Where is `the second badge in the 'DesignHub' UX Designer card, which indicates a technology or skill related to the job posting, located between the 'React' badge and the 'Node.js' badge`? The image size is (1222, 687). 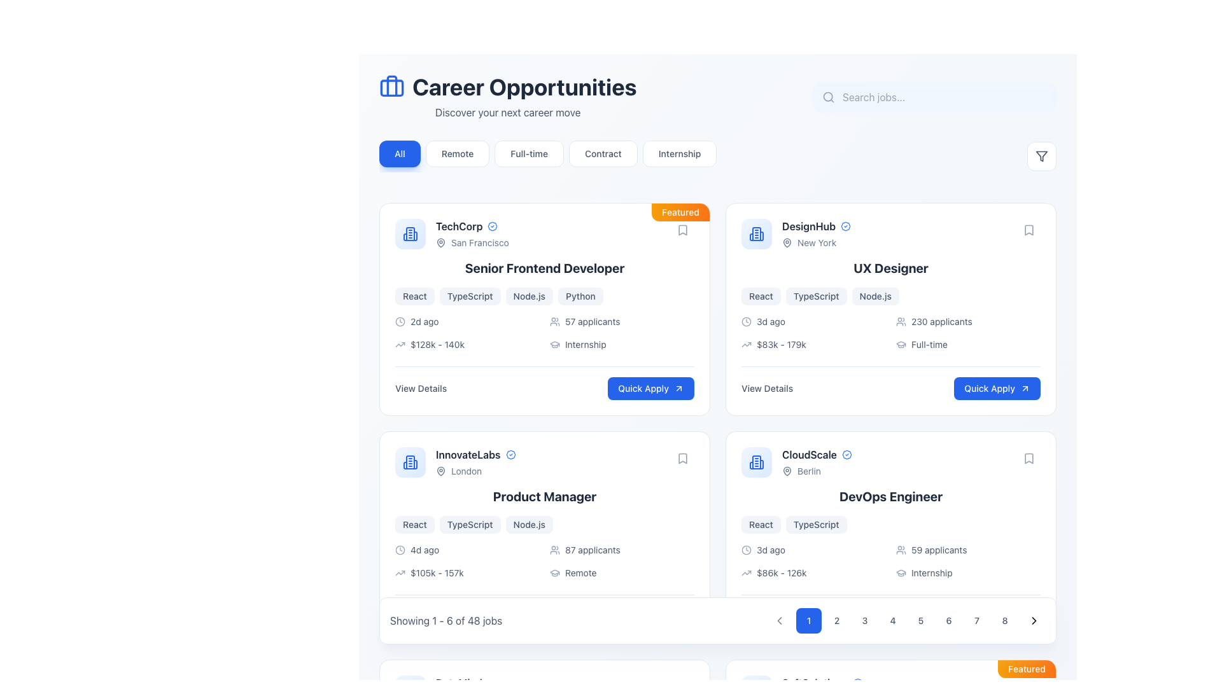
the second badge in the 'DesignHub' UX Designer card, which indicates a technology or skill related to the job posting, located between the 'React' badge and the 'Node.js' badge is located at coordinates (816, 296).